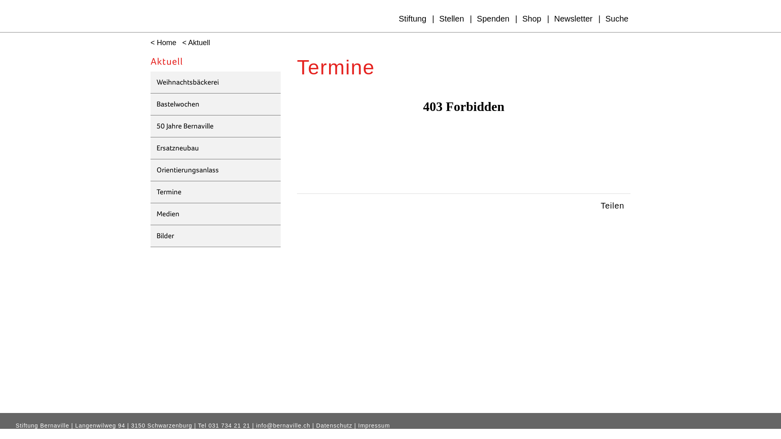  I want to click on '< Home', so click(161, 43).